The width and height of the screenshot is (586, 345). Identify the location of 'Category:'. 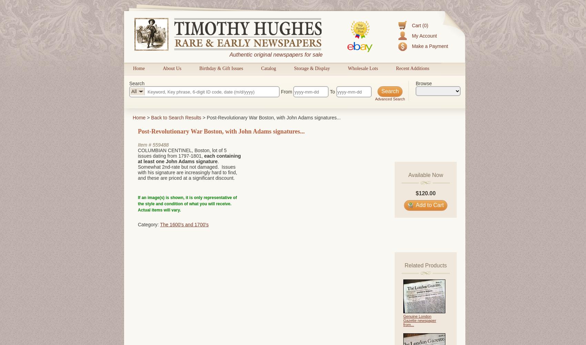
(149, 224).